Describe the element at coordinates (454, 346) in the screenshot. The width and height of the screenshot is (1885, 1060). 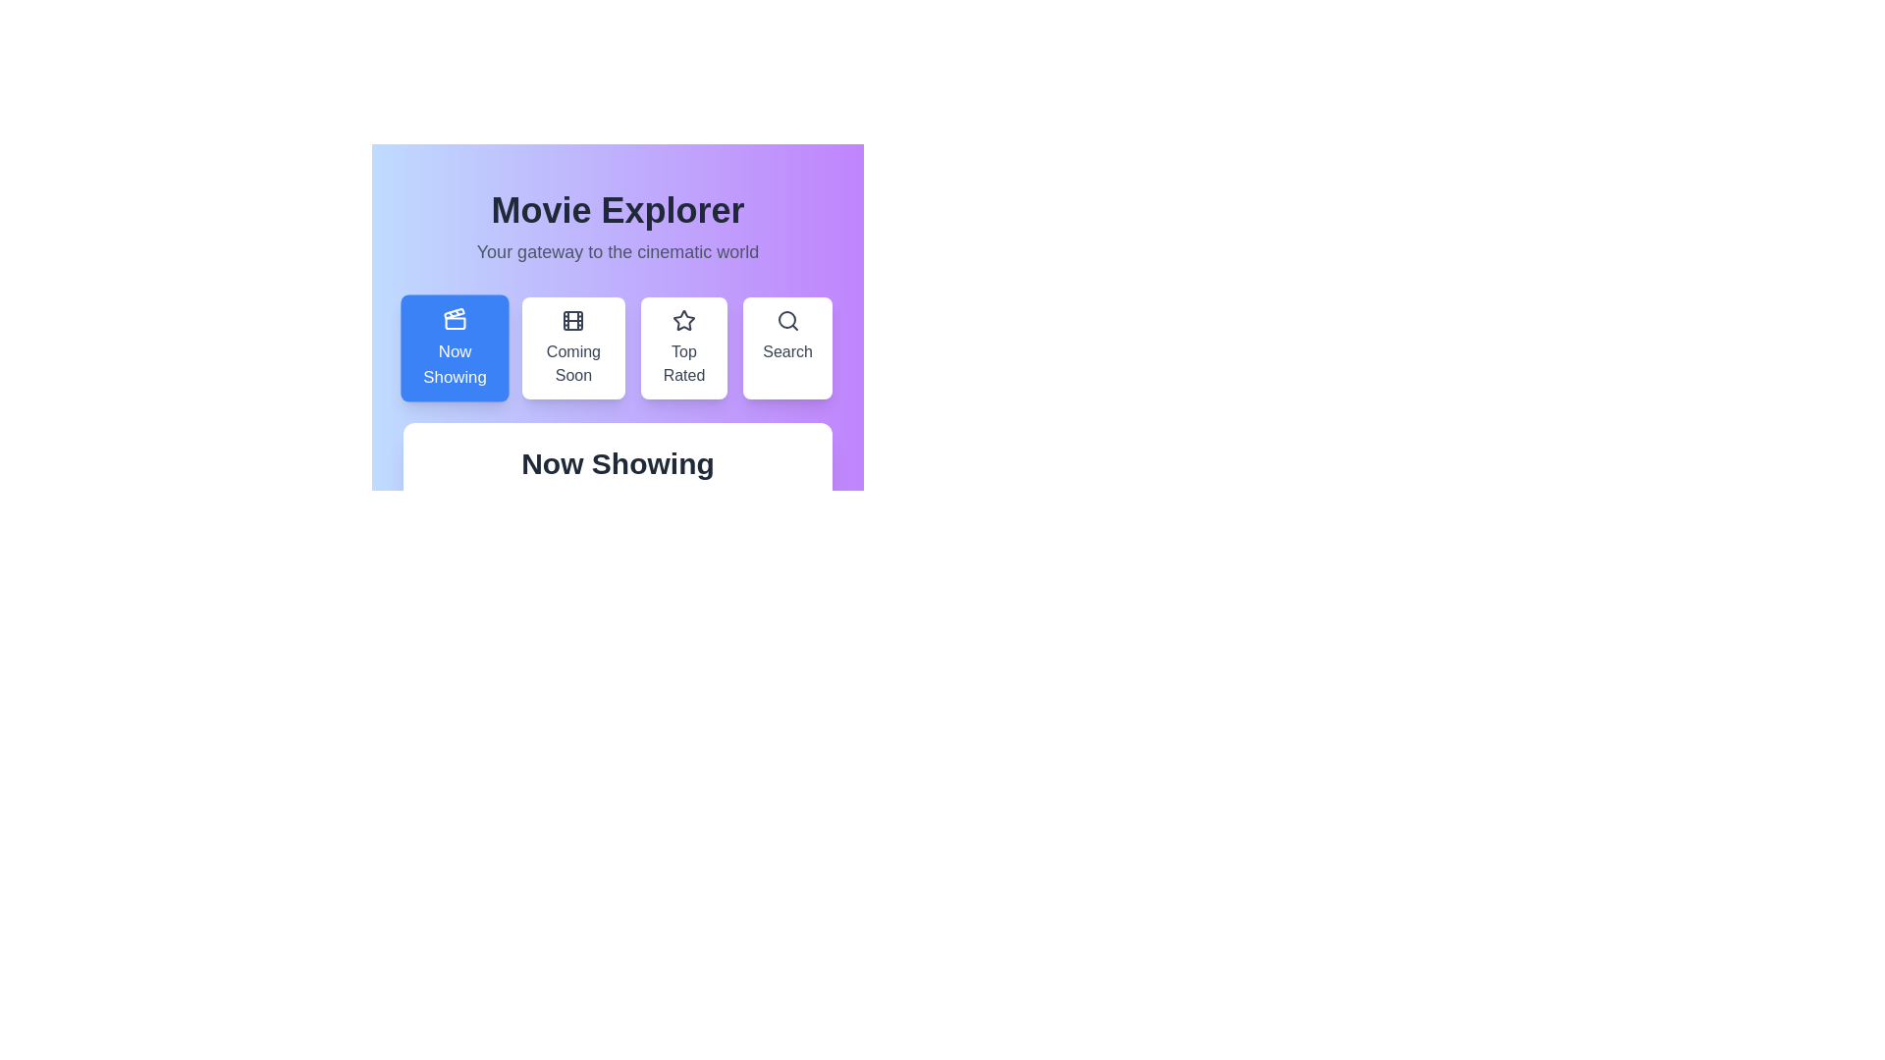
I see `the tab labeled Now Showing` at that location.